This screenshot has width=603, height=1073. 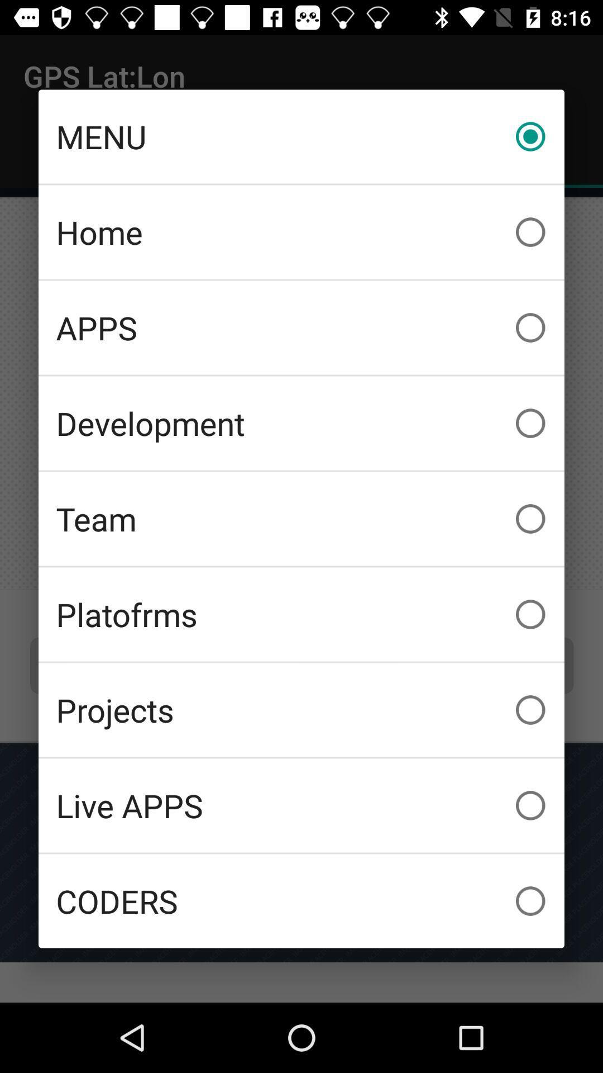 What do you see at coordinates (301, 136) in the screenshot?
I see `menu` at bounding box center [301, 136].